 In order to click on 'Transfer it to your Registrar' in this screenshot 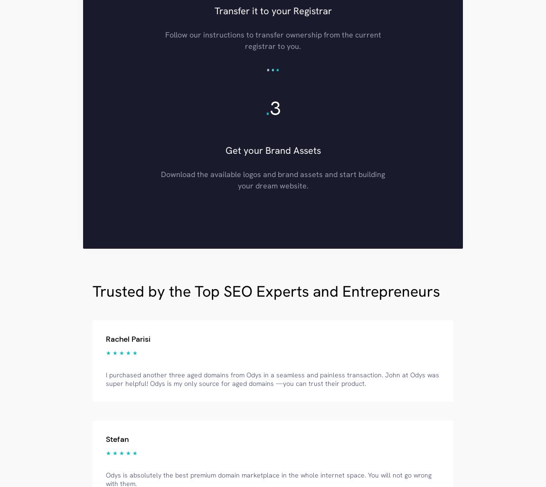, I will do `click(273, 10)`.